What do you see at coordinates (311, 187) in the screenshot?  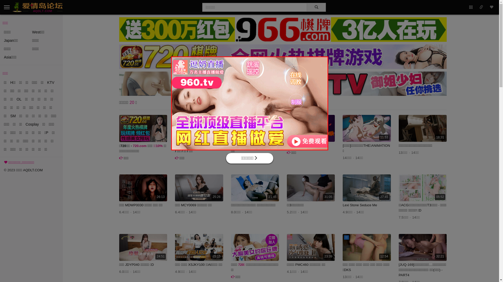 I see `'31:05'` at bounding box center [311, 187].